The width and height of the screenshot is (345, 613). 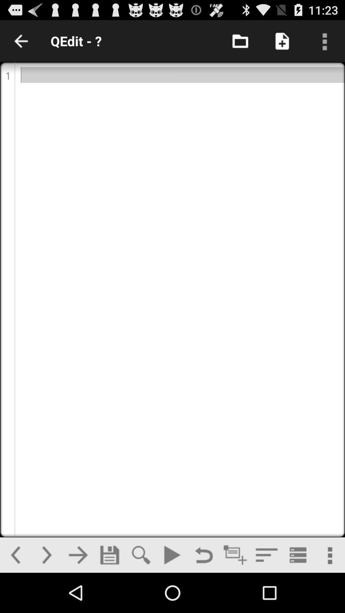 I want to click on more options button, so click(x=329, y=555).